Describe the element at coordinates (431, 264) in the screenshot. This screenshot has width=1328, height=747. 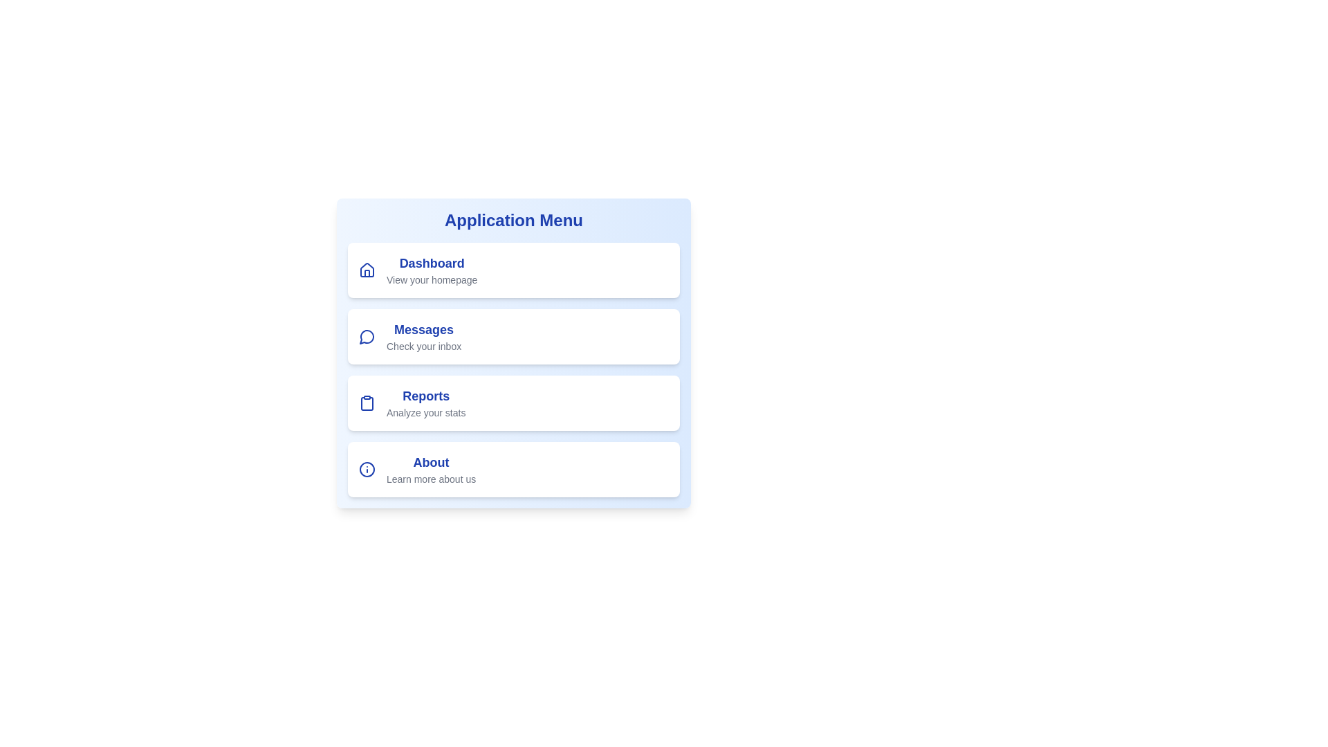
I see `the text 'Dashboard' to select it` at that location.